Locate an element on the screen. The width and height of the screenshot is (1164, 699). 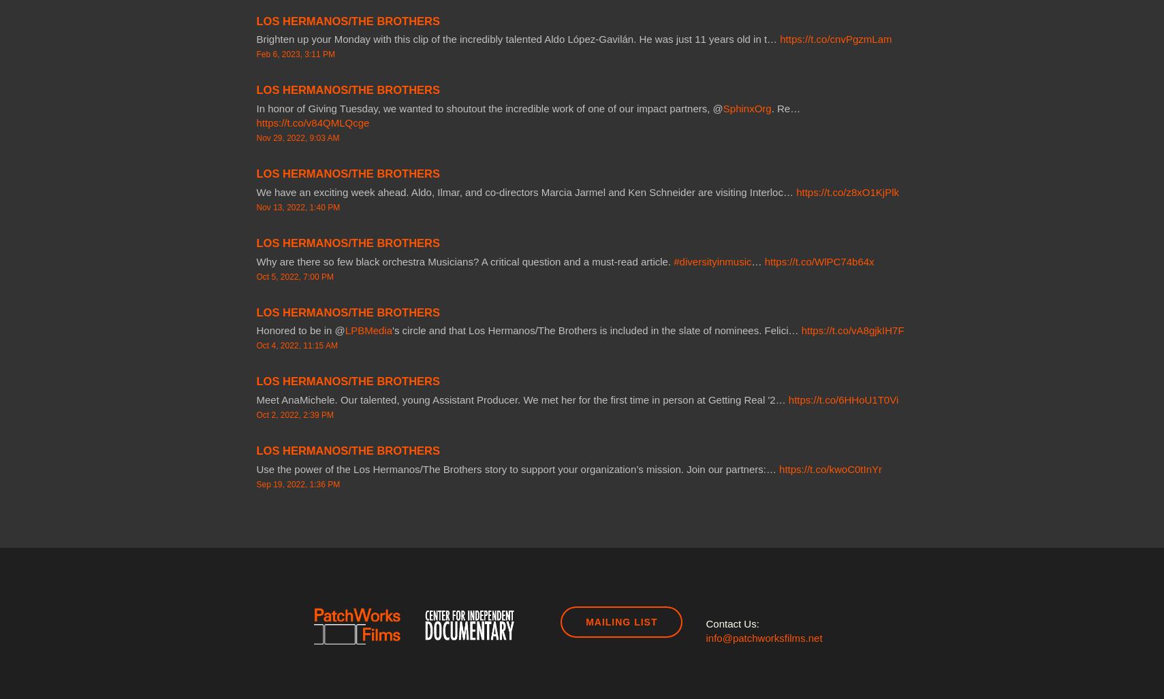
'Sep 19, 2022, 1:36 PM' is located at coordinates (297, 483).